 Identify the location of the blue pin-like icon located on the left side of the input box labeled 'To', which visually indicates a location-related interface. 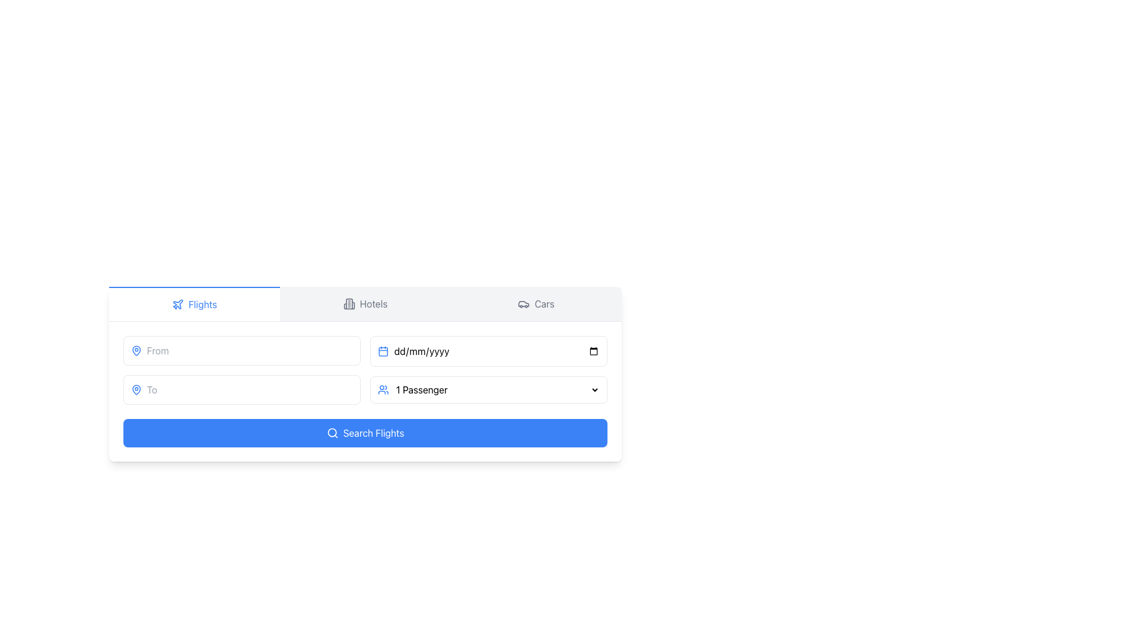
(136, 350).